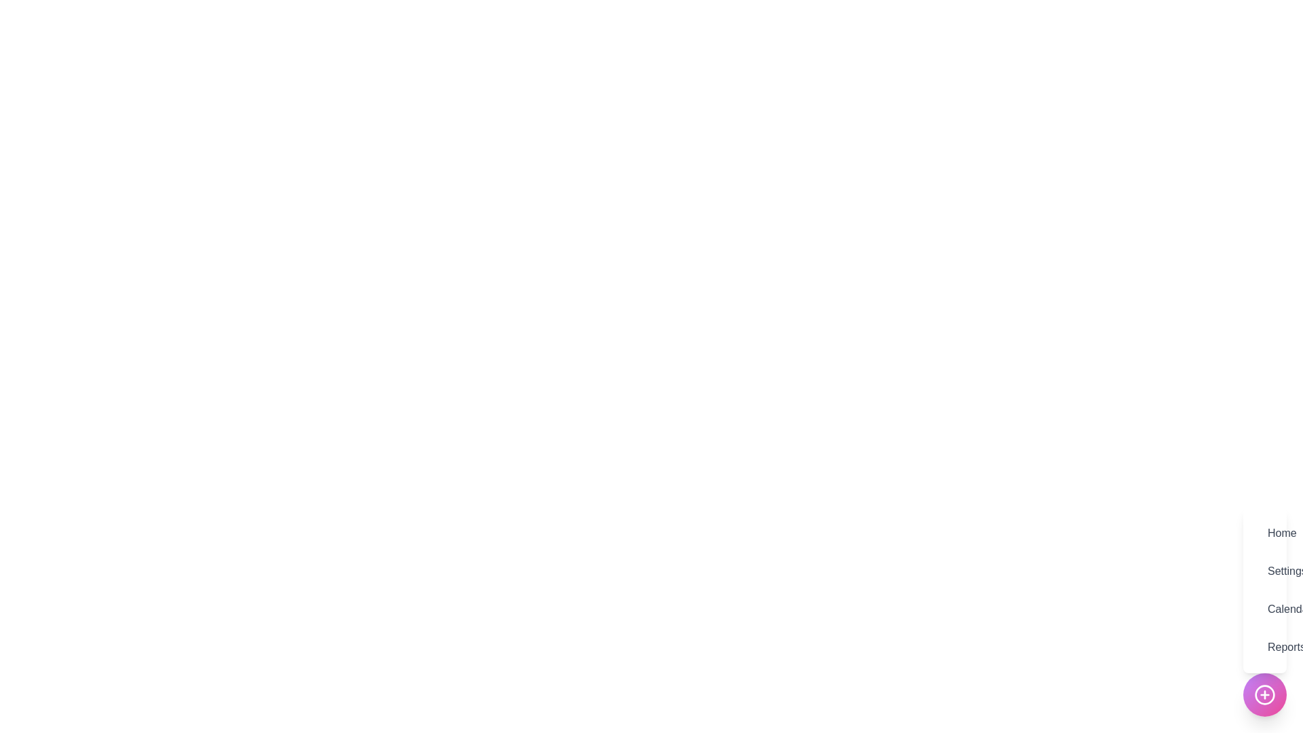  What do you see at coordinates (1264, 571) in the screenshot?
I see `the menu item Settings to select it` at bounding box center [1264, 571].